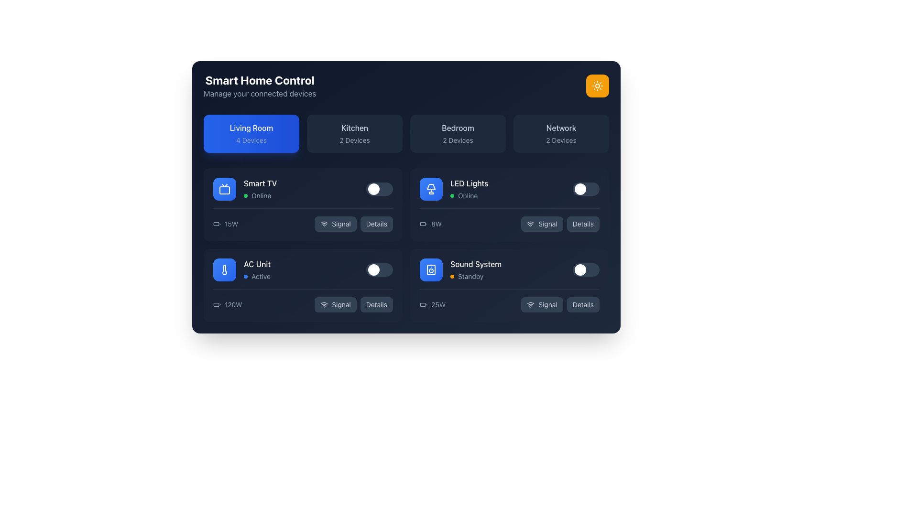 The height and width of the screenshot is (516, 918). Describe the element at coordinates (261, 276) in the screenshot. I see `the 'Active' label, which is styled in slate gray and positioned next to a blue circular indicator within the 'AC Unit' card in the 'Living Room' section` at that location.